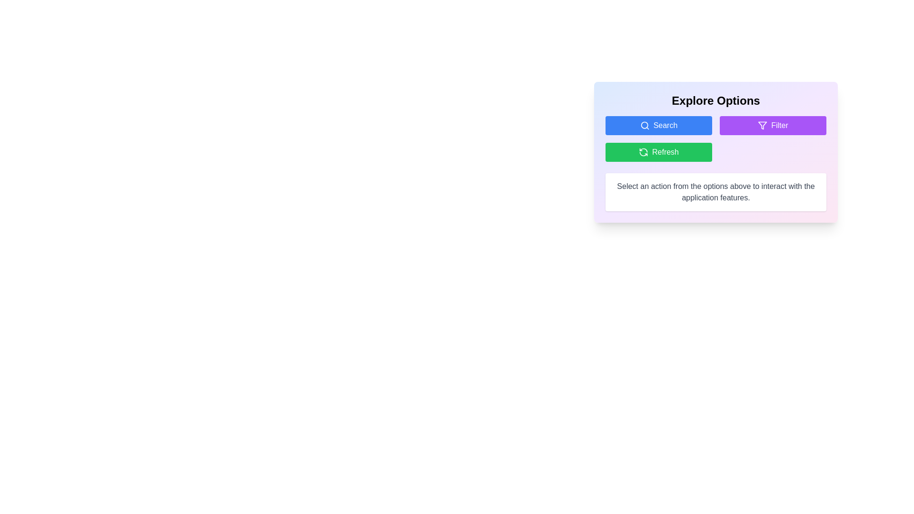  Describe the element at coordinates (763, 125) in the screenshot. I see `the funnel icon within the 'Filter' button` at that location.